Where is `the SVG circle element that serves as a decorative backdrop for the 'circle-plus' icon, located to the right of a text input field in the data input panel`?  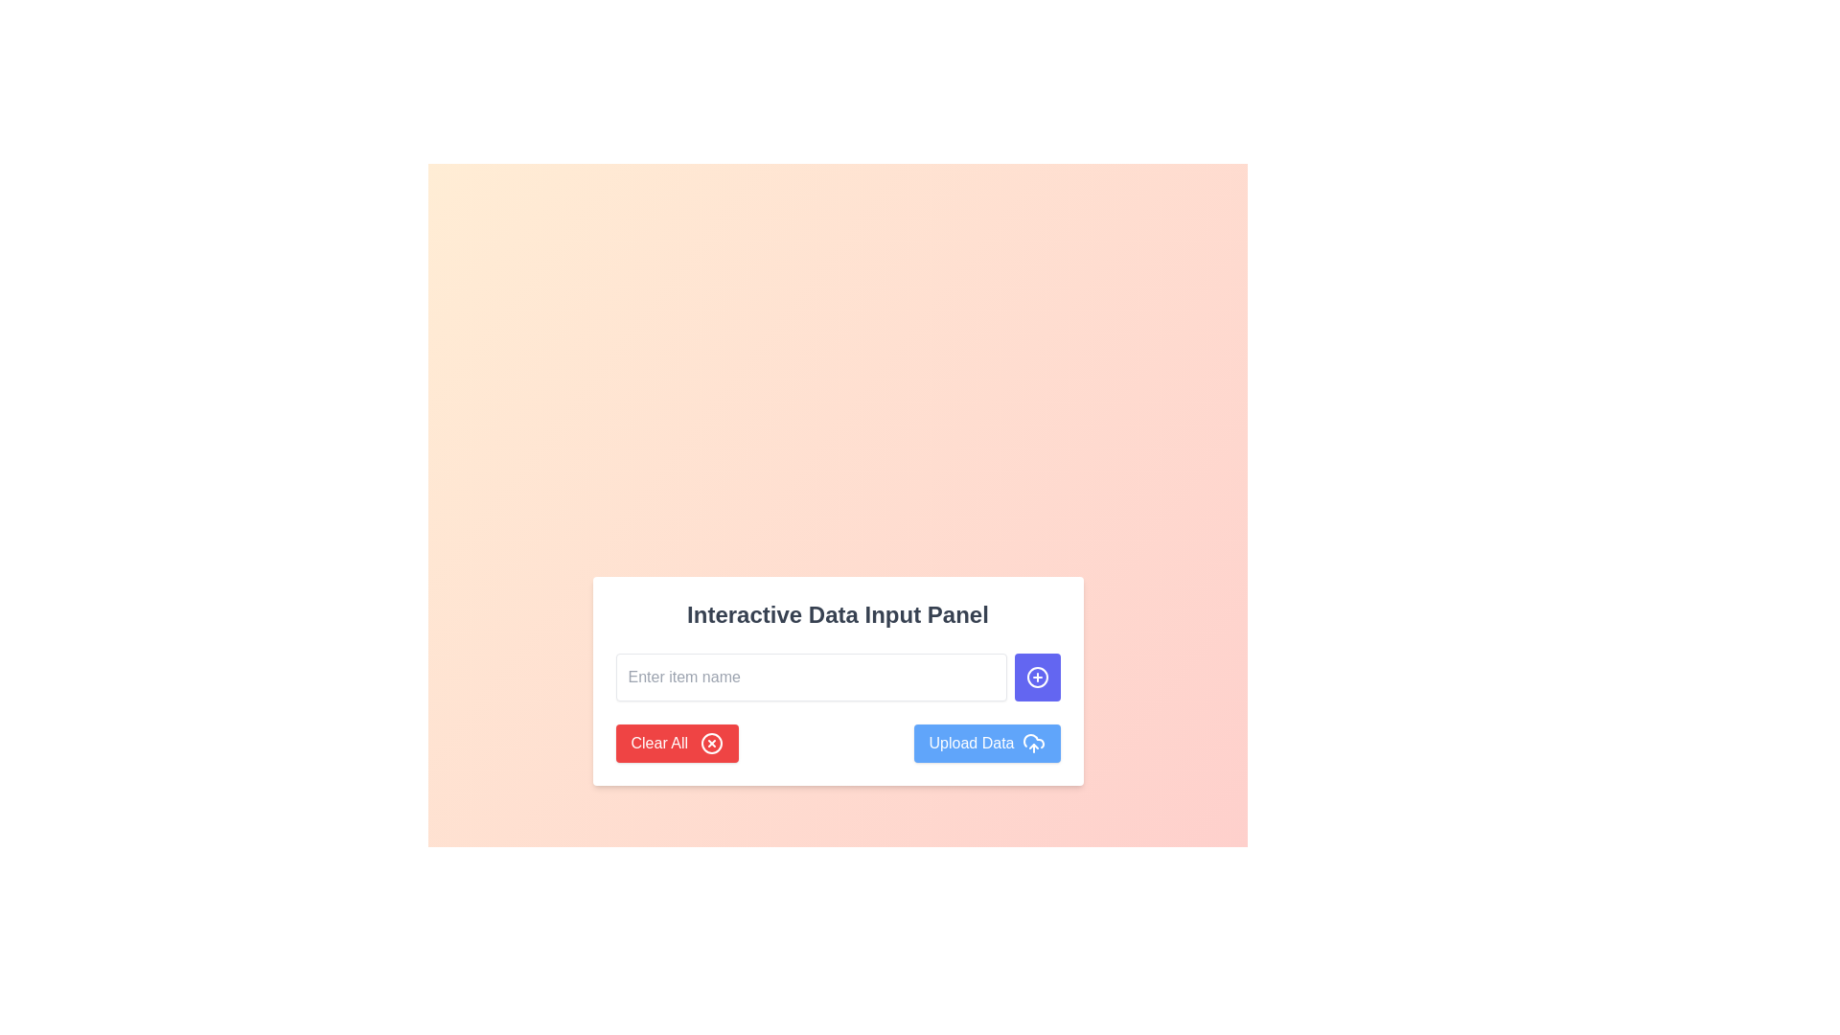 the SVG circle element that serves as a decorative backdrop for the 'circle-plus' icon, located to the right of a text input field in the data input panel is located at coordinates (1036, 676).